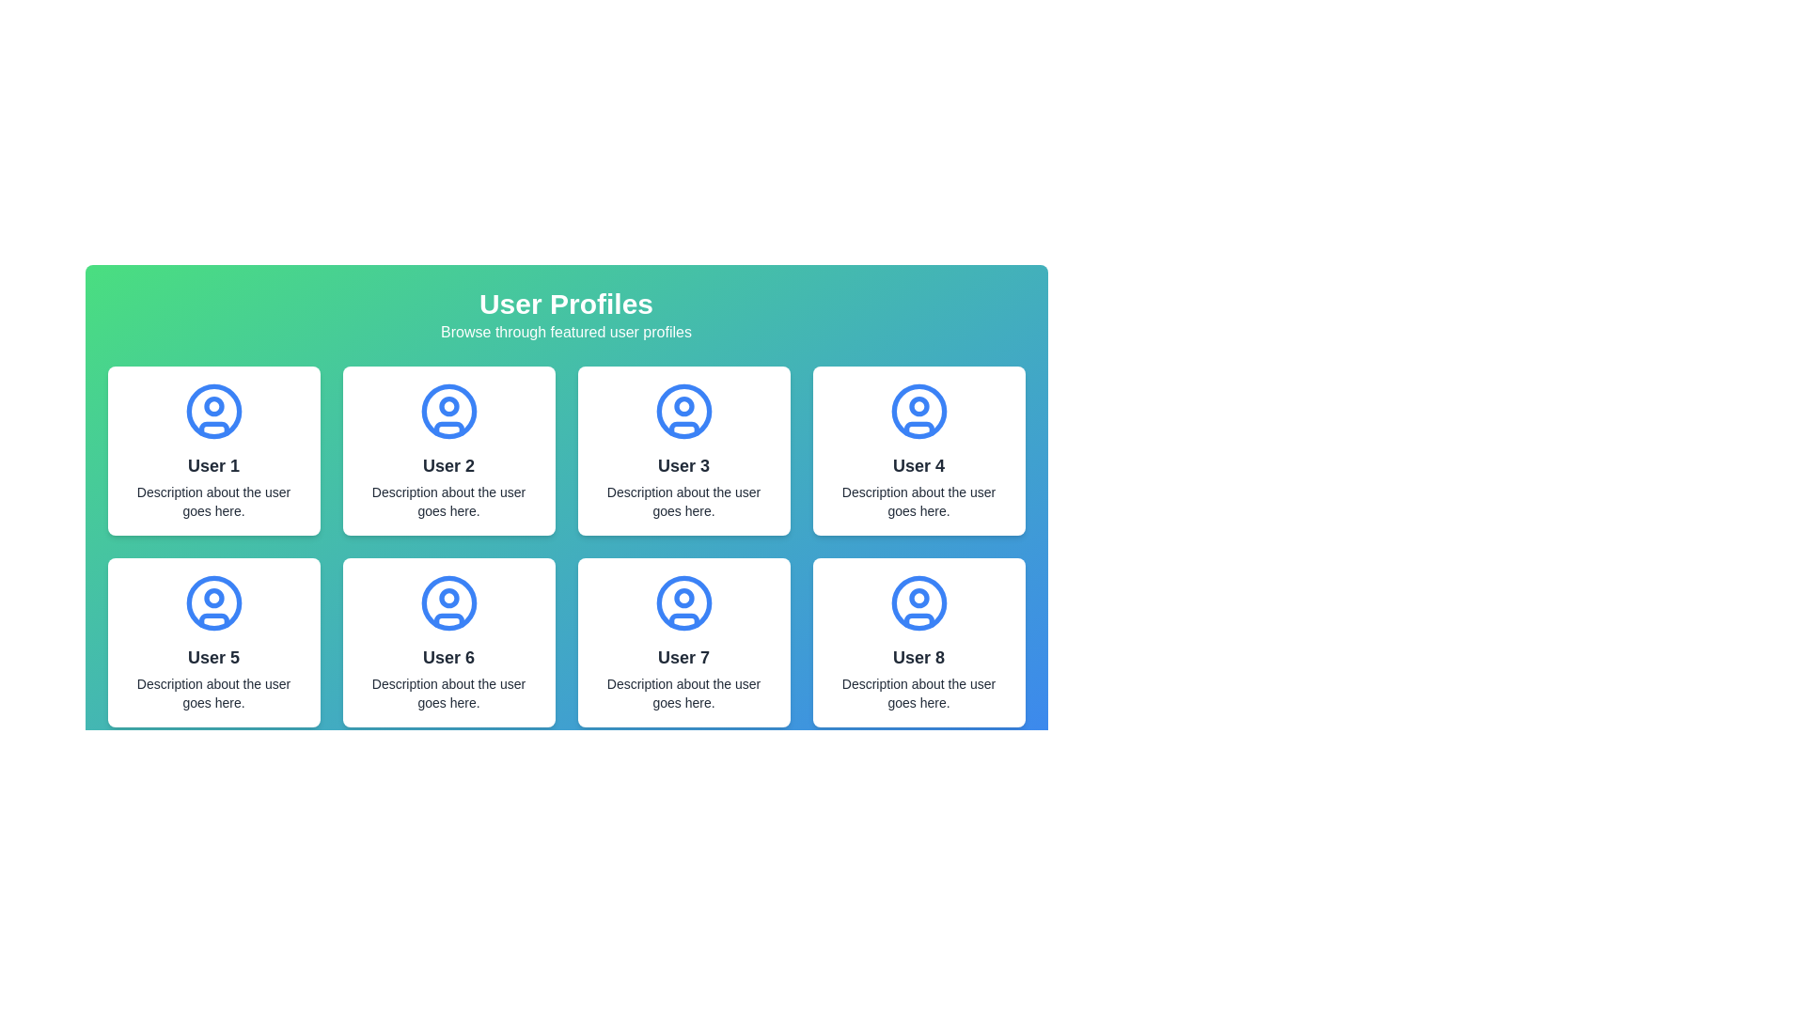  Describe the element at coordinates (213, 693) in the screenshot. I see `the text element containing 'Description about the user goes here.' positioned below the user profile title 'User 5'` at that location.